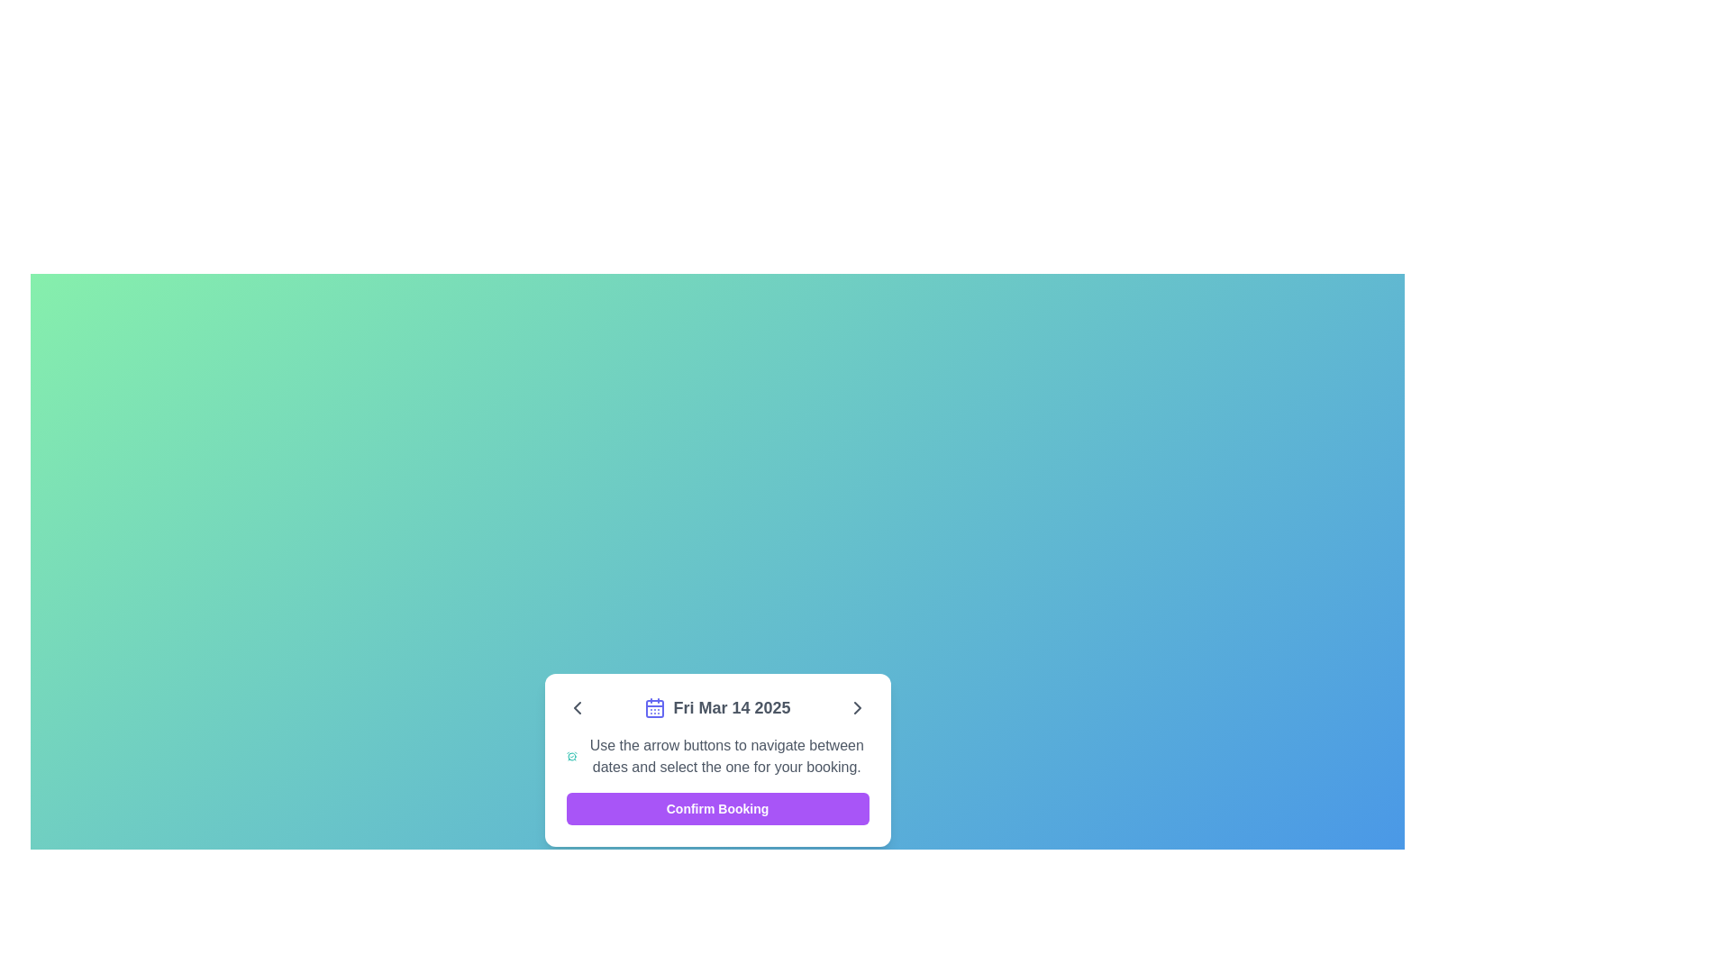 The image size is (1730, 973). I want to click on the inner portion of the calendar icon, which is a decorative or structural component located centrally aligned towards the bottom of the icon layout, so click(654, 707).